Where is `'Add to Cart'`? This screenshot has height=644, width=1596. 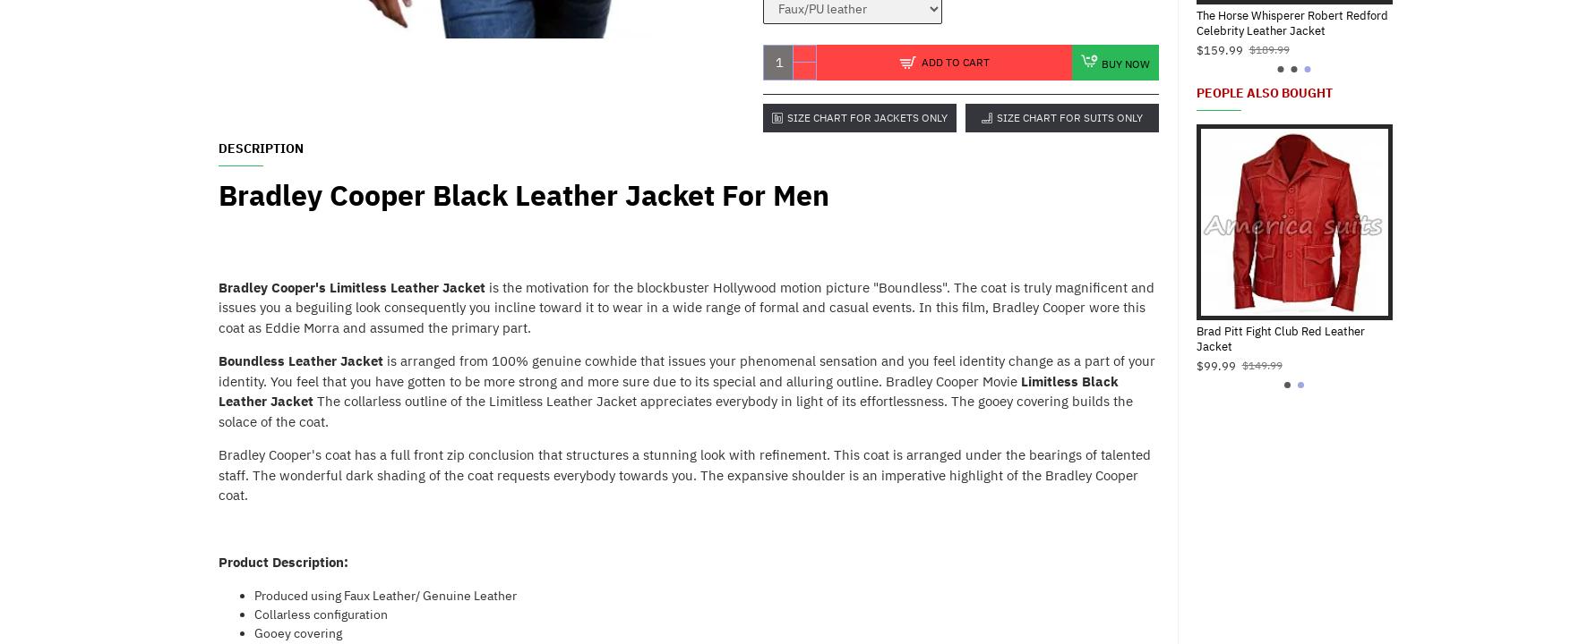 'Add to Cart' is located at coordinates (953, 60).